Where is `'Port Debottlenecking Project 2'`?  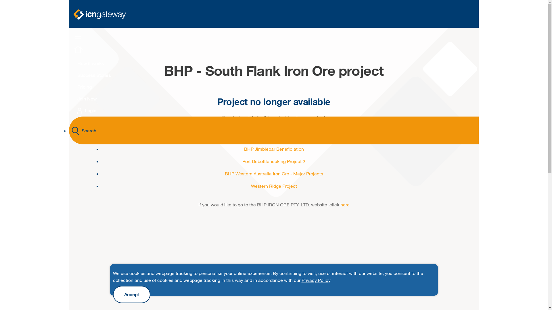
'Port Debottlenecking Project 2' is located at coordinates (273, 161).